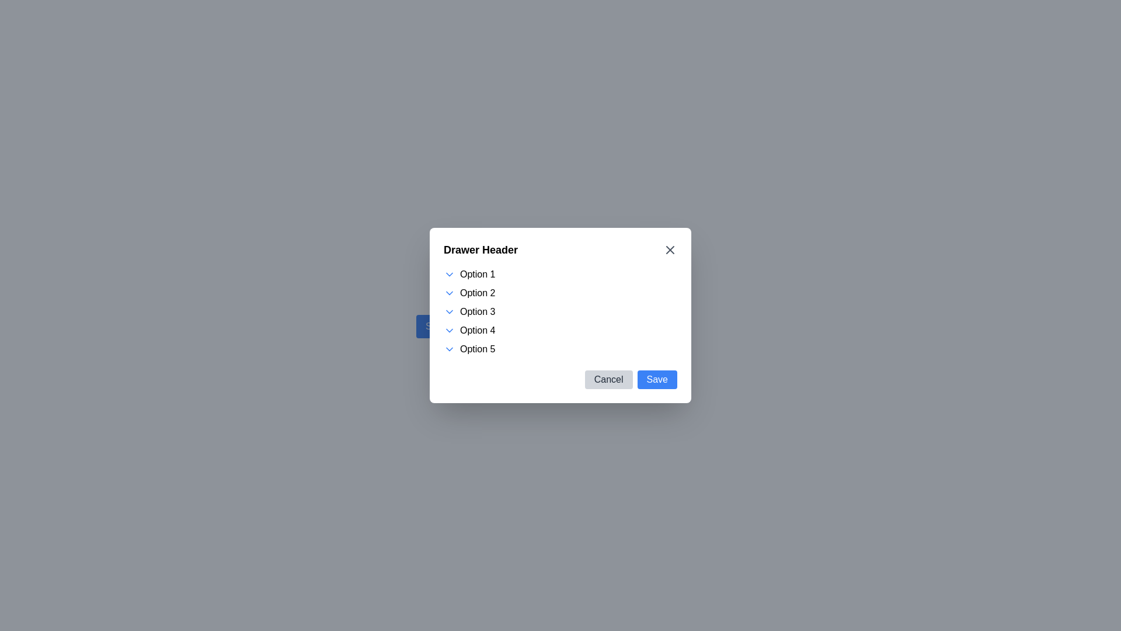 Image resolution: width=1121 pixels, height=631 pixels. Describe the element at coordinates (608, 380) in the screenshot. I see `the 'Cancel' button, which is a light gray rounded rectangular button with black text, located to the left of the blue 'Save' button in the bottom-right corner of the modal dialog` at that location.